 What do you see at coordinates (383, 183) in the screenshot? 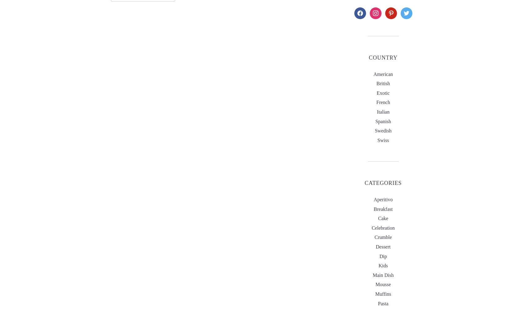
I see `'Categories'` at bounding box center [383, 183].